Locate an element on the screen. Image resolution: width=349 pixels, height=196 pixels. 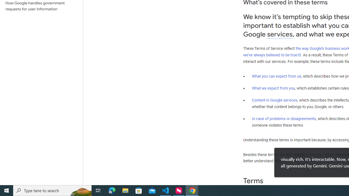
'Content in Google services' is located at coordinates (275, 100).